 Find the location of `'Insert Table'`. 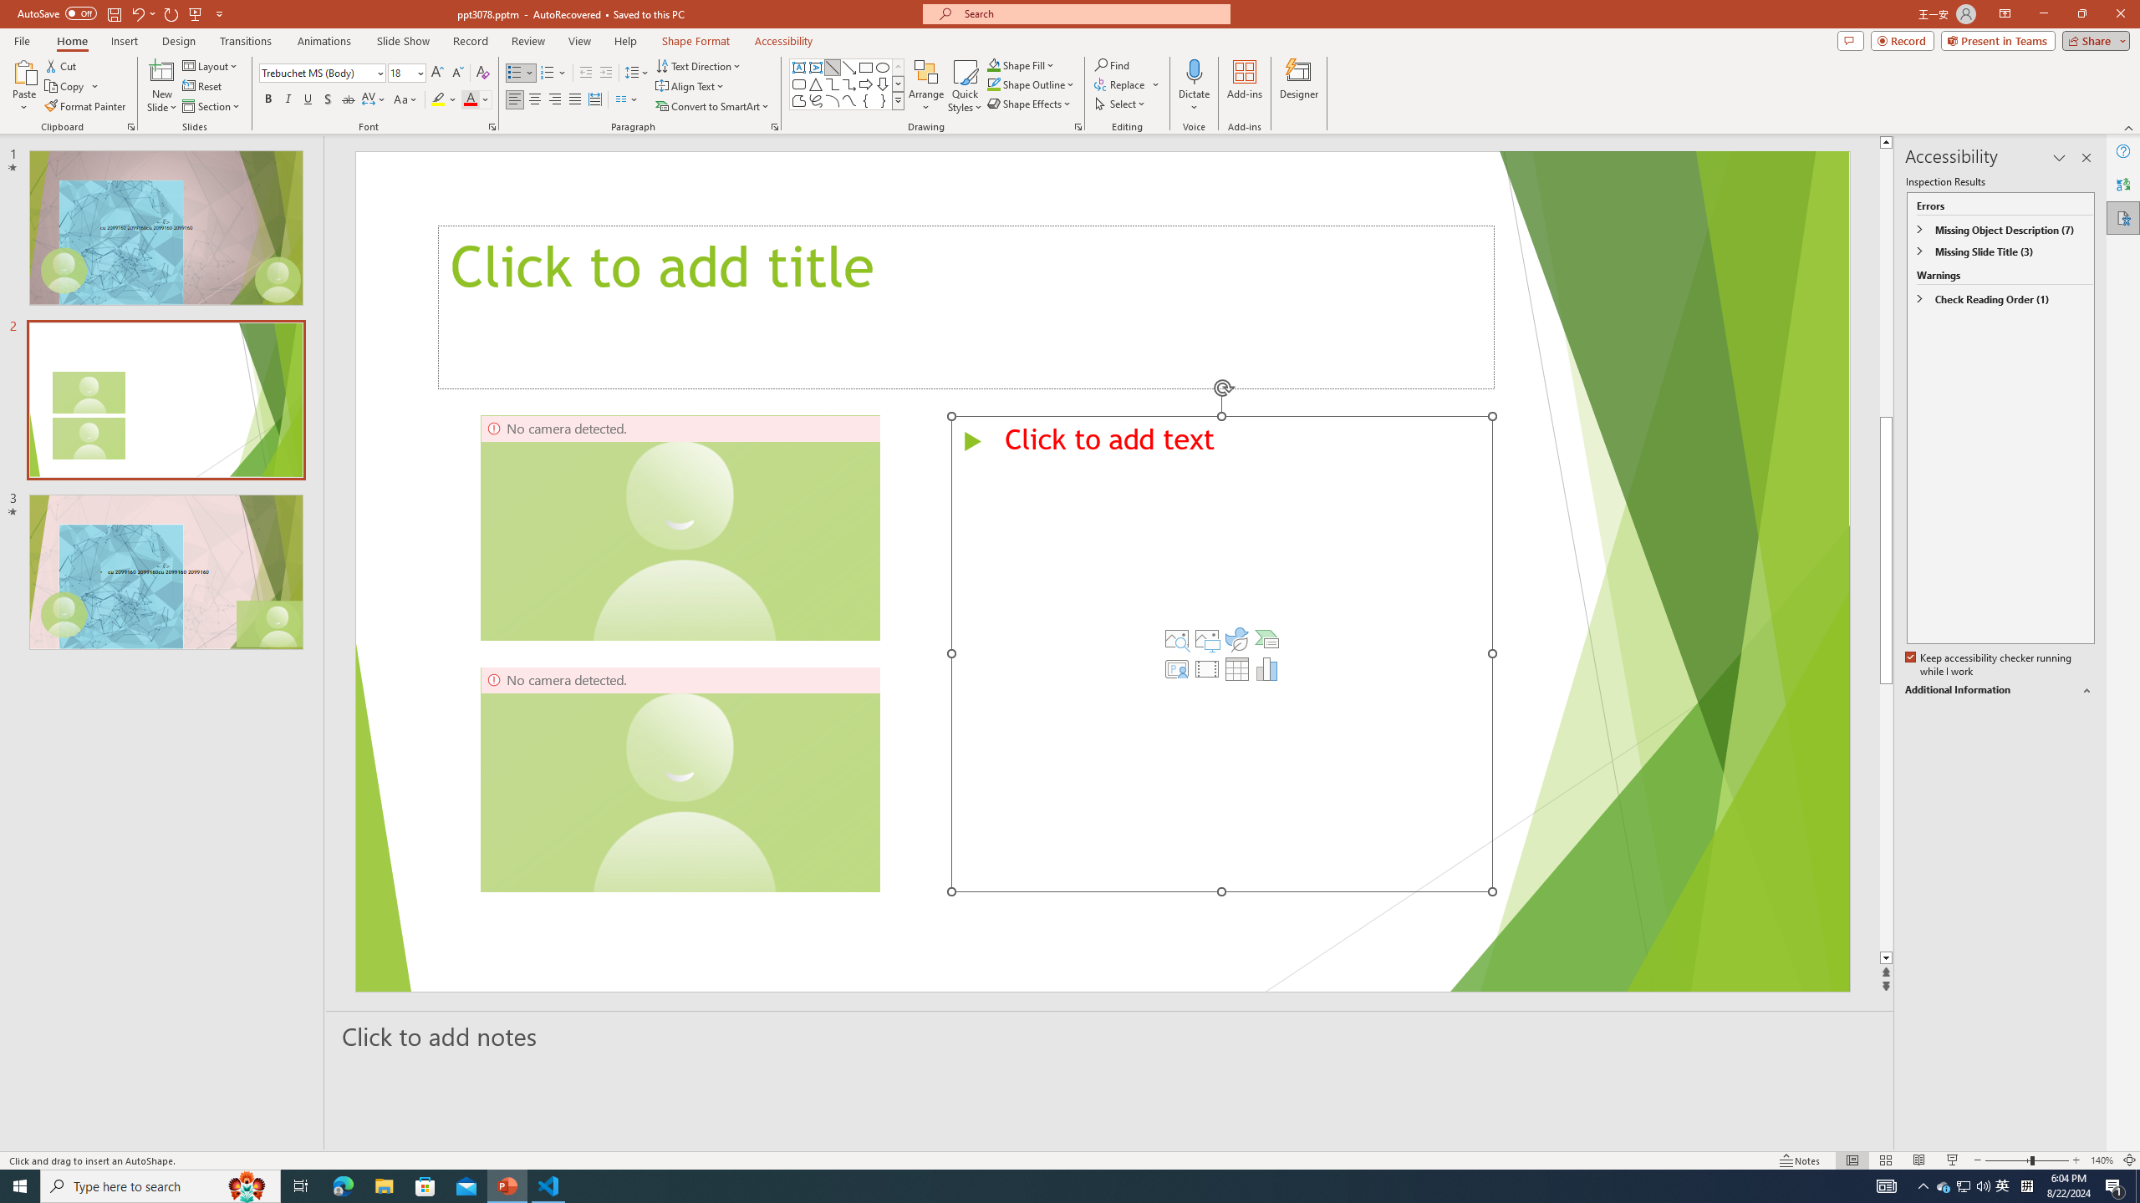

'Insert Table' is located at coordinates (1236, 668).